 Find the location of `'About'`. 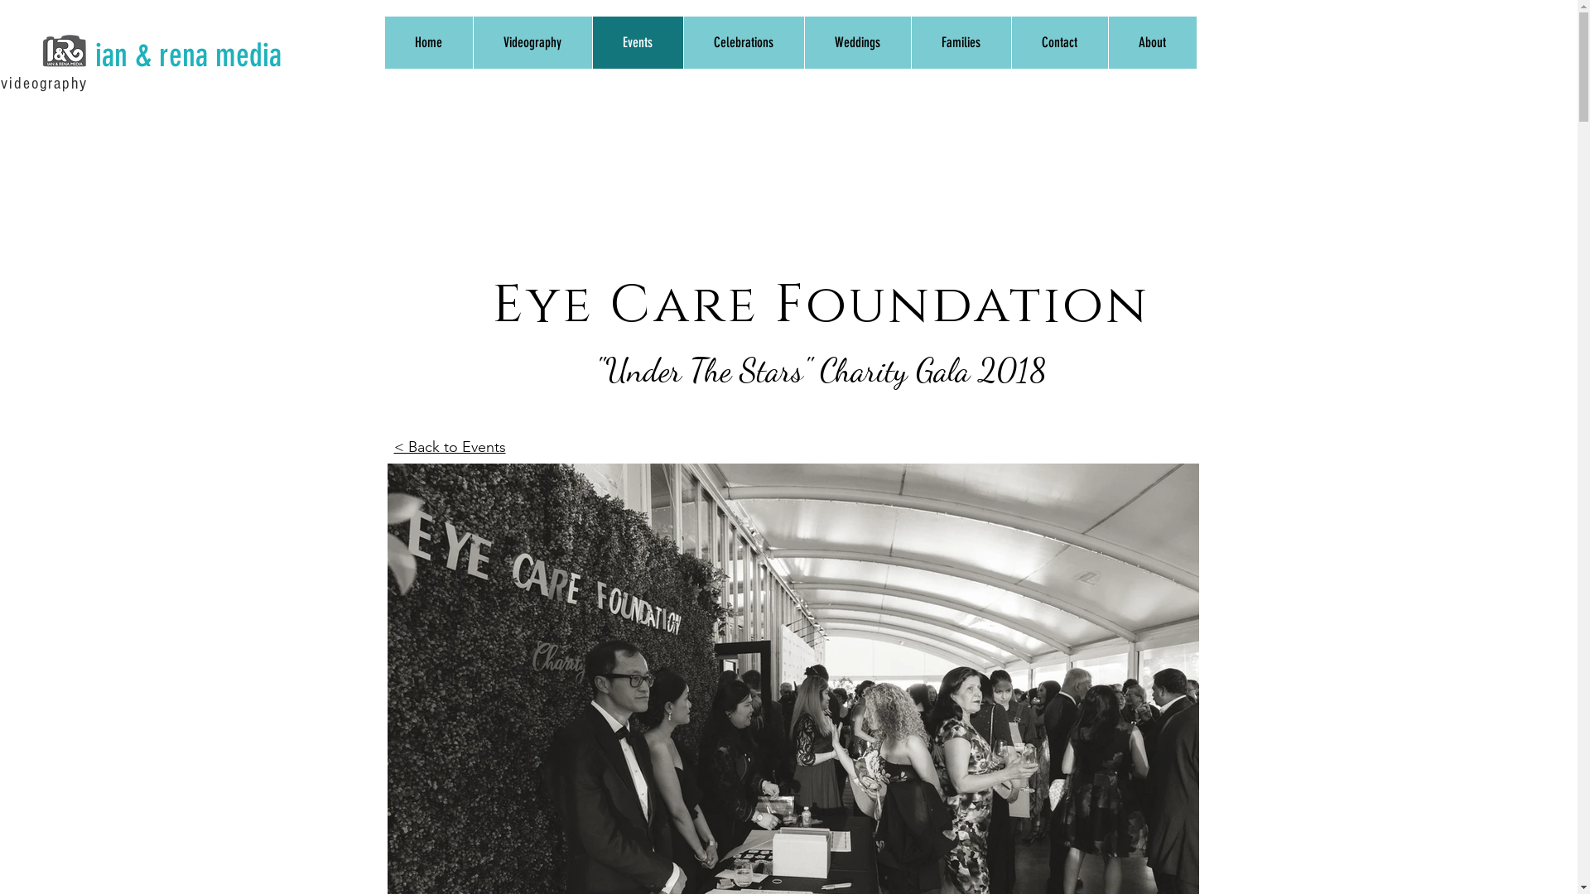

'About' is located at coordinates (1151, 41).